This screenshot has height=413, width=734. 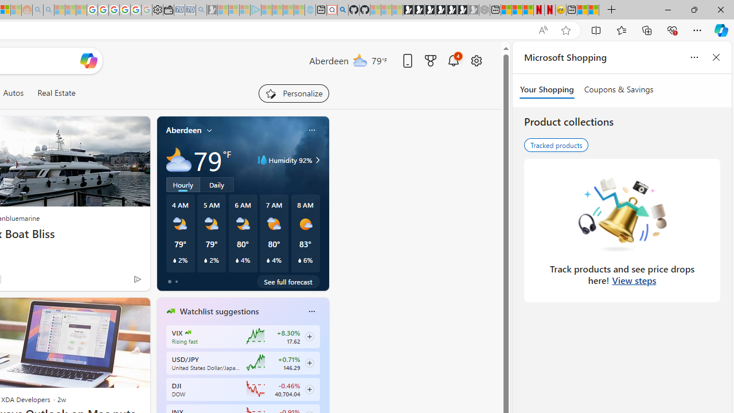 What do you see at coordinates (48, 10) in the screenshot?
I see `'Utah sues federal government - Search - Sleeping'` at bounding box center [48, 10].